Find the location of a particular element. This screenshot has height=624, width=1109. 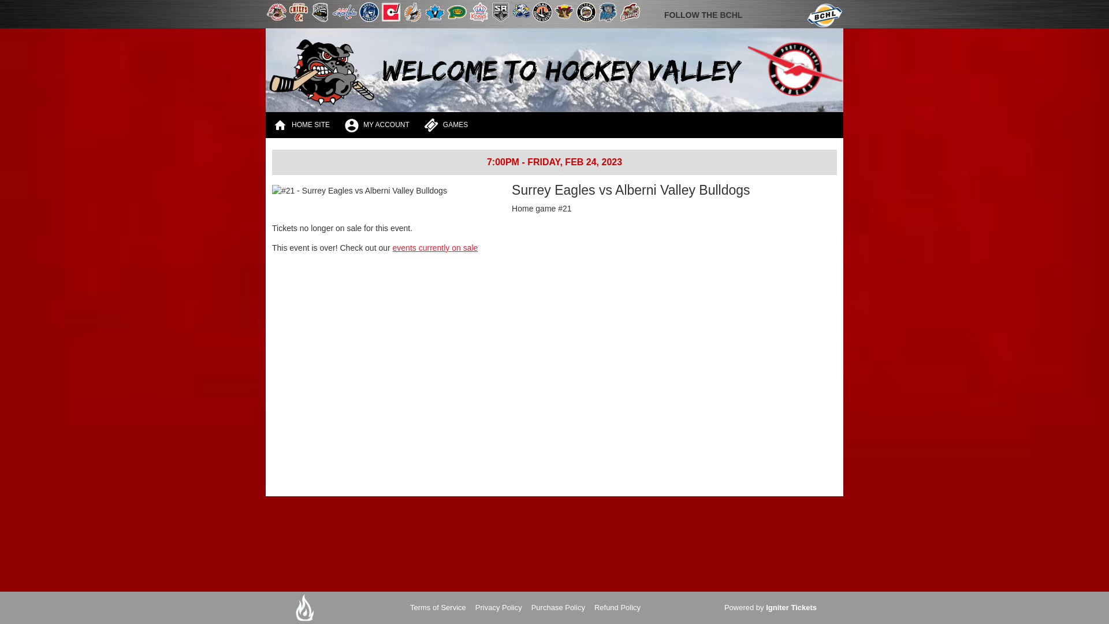

'events currently on sale' is located at coordinates (434, 247).